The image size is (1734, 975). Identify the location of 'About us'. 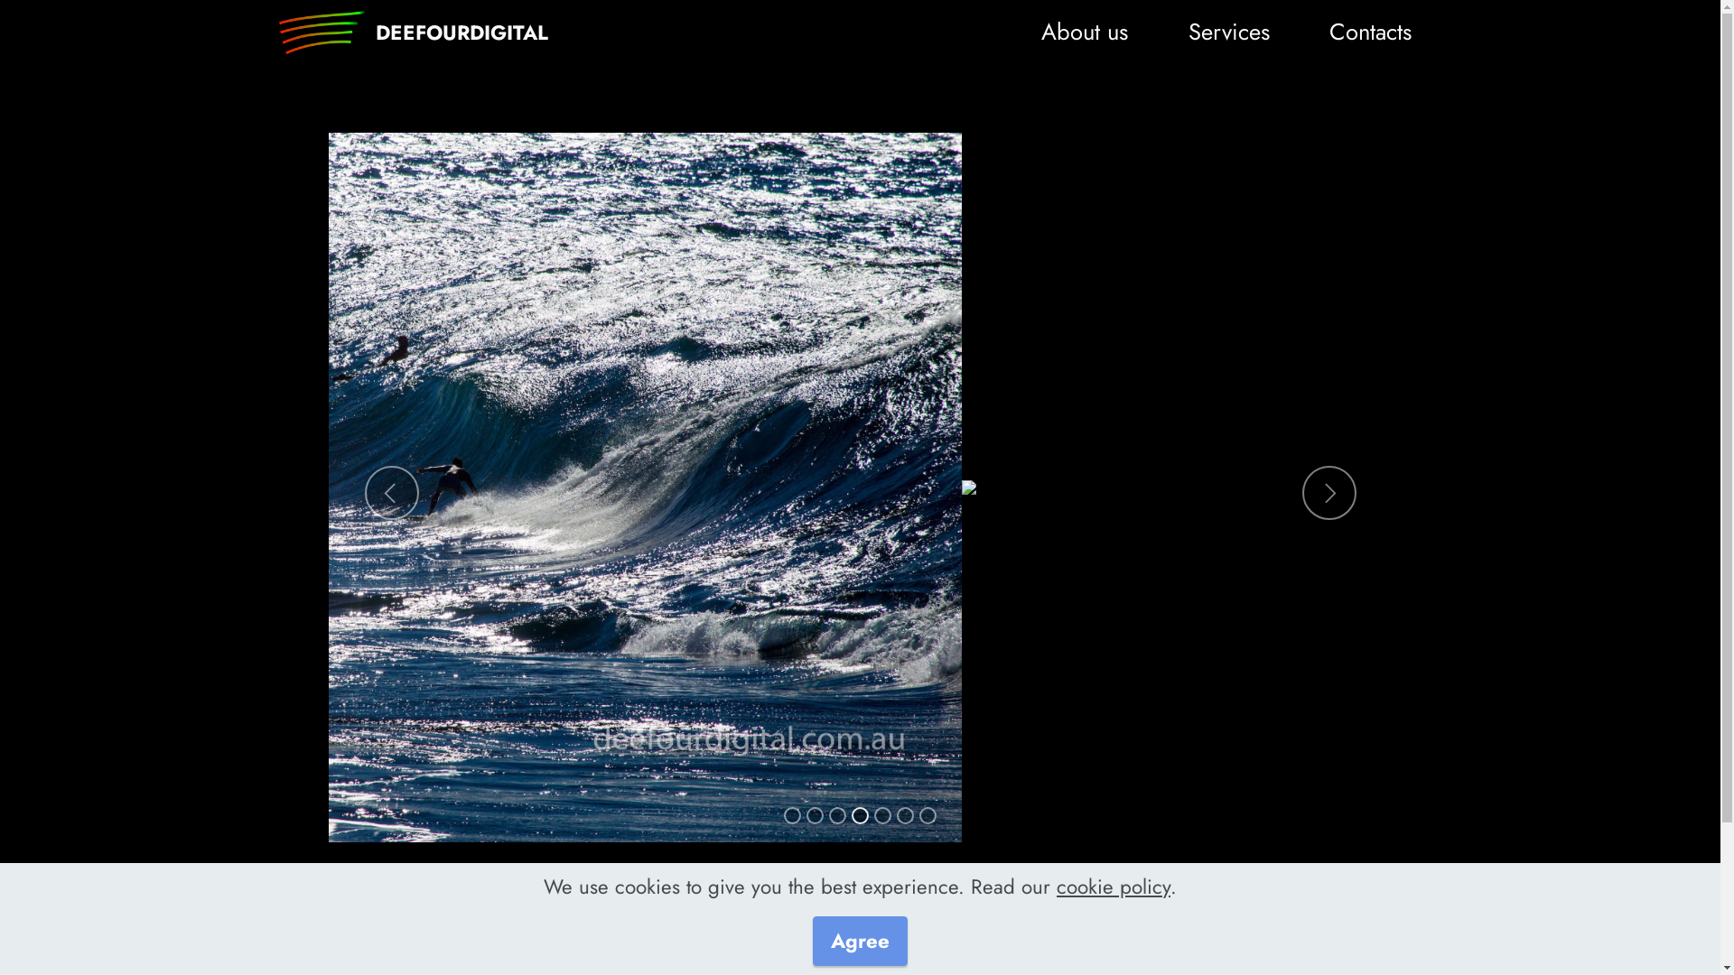
(1084, 32).